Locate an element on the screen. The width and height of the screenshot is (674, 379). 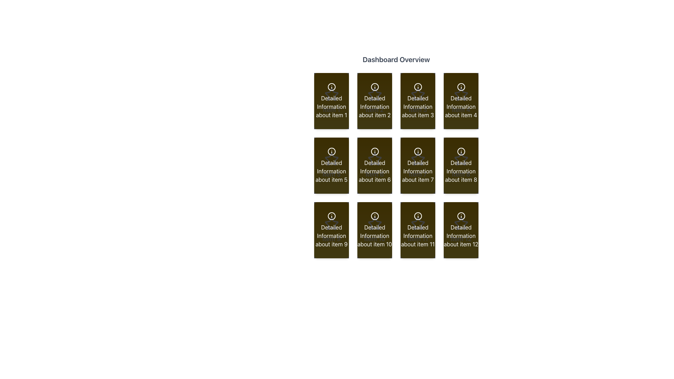
the text element that reads 'Item 4', which is styled with a medium font size, white color, and bold weight, located within a yellow gradient background panel is located at coordinates (461, 109).